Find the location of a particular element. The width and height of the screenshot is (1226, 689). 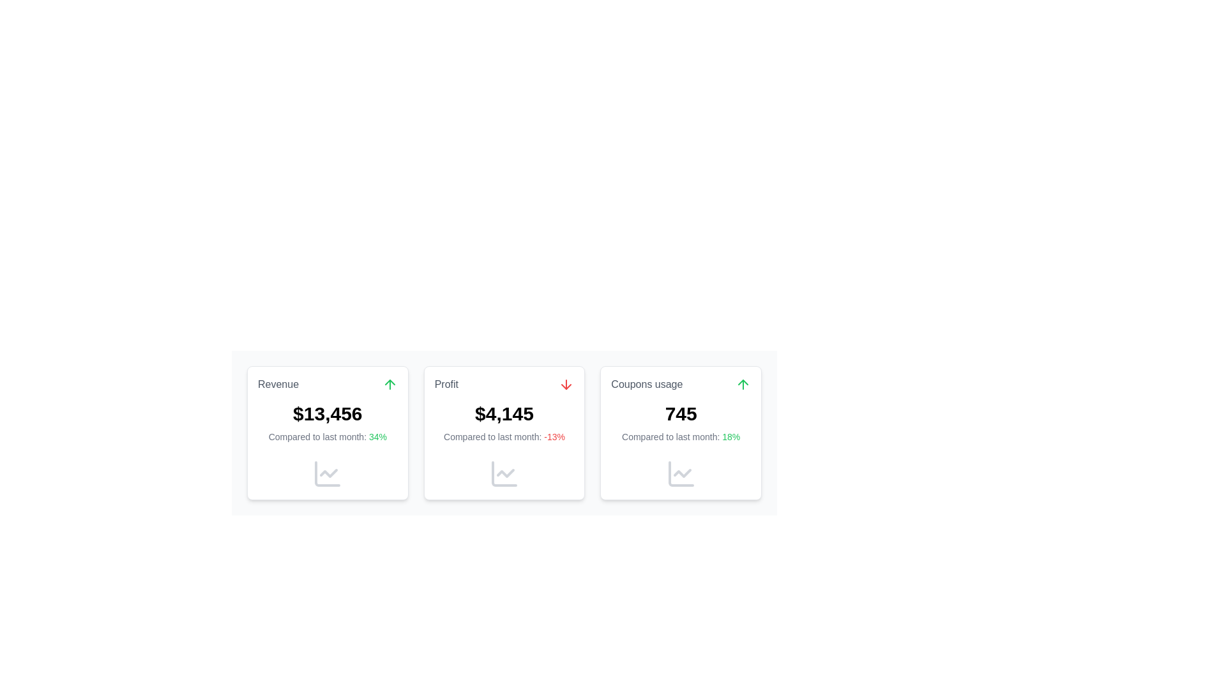

the graphical line element in the SVG illustration that serves as the base of the chart for the 'Coupons usage' card, located in the bottom-right corner of the card is located at coordinates (680, 474).